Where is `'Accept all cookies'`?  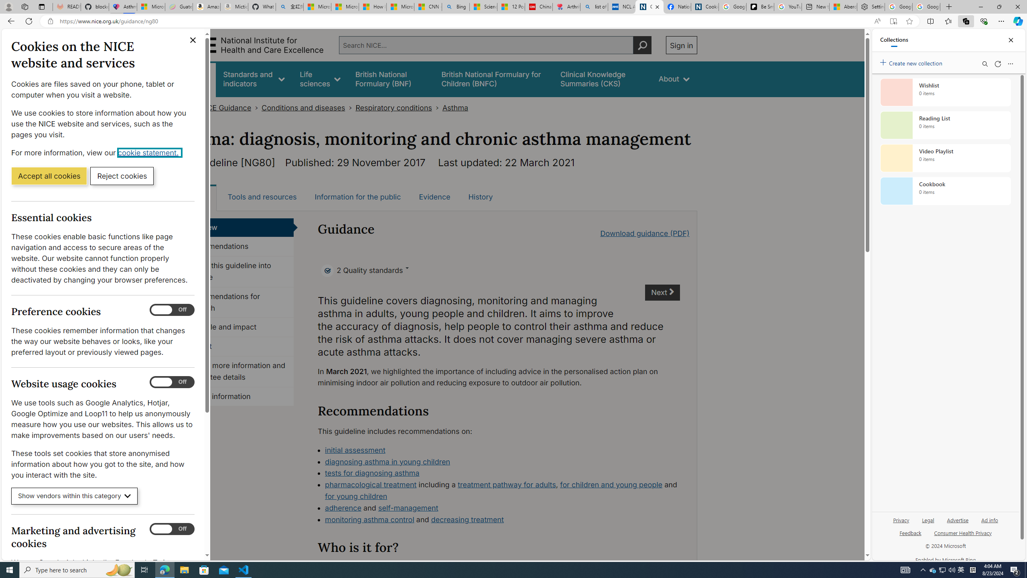 'Accept all cookies' is located at coordinates (49, 175).